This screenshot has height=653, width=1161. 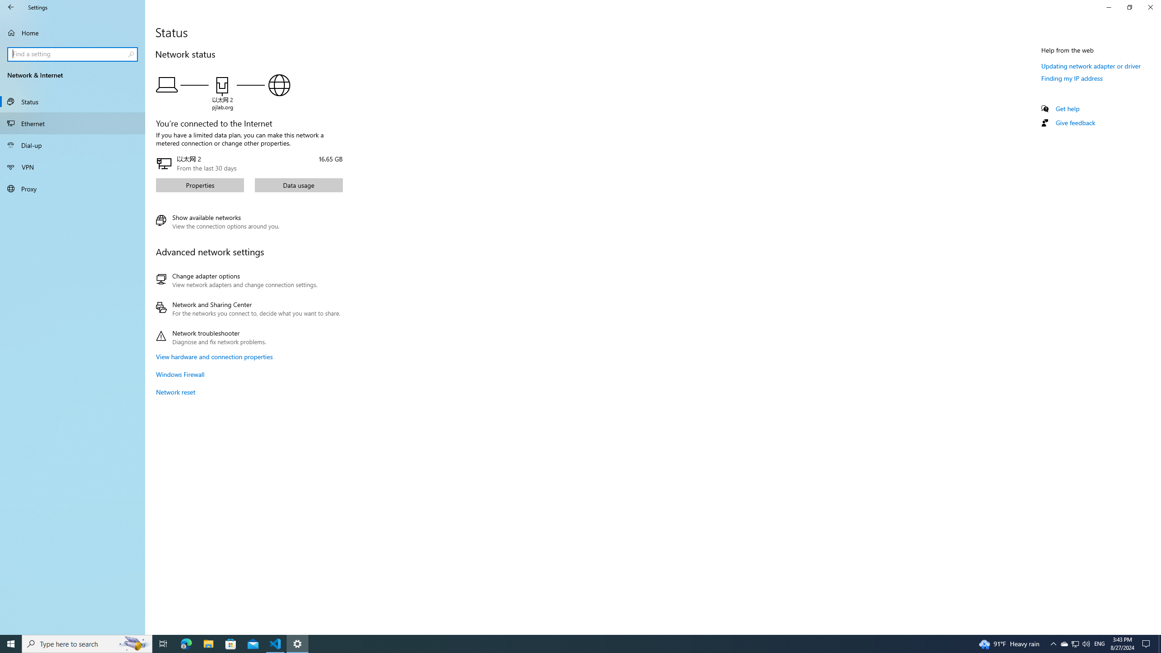 What do you see at coordinates (1074, 122) in the screenshot?
I see `'Give feedback'` at bounding box center [1074, 122].